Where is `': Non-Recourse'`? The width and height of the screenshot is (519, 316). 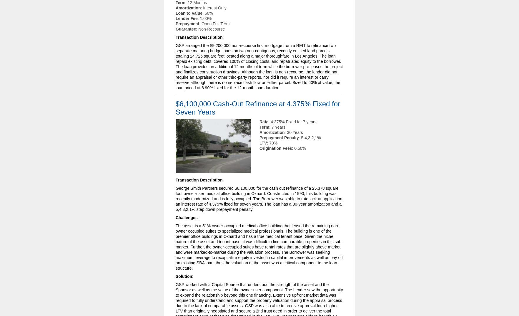
': Non-Recourse' is located at coordinates (210, 28).